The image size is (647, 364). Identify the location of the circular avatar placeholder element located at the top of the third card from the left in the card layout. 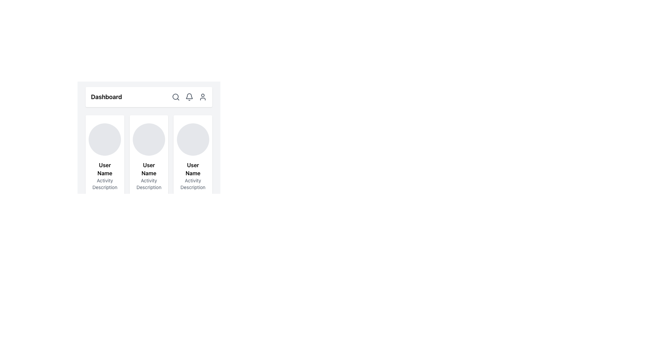
(192, 139).